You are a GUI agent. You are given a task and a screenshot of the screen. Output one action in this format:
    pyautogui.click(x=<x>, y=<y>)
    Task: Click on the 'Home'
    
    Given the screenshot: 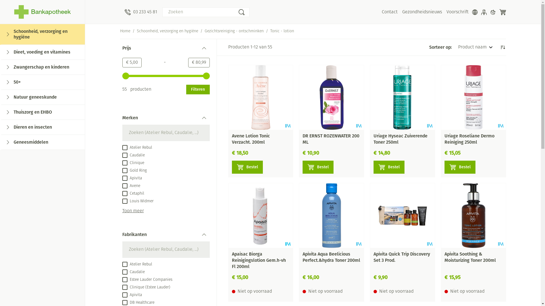 What is the action you would take?
    pyautogui.click(x=120, y=31)
    